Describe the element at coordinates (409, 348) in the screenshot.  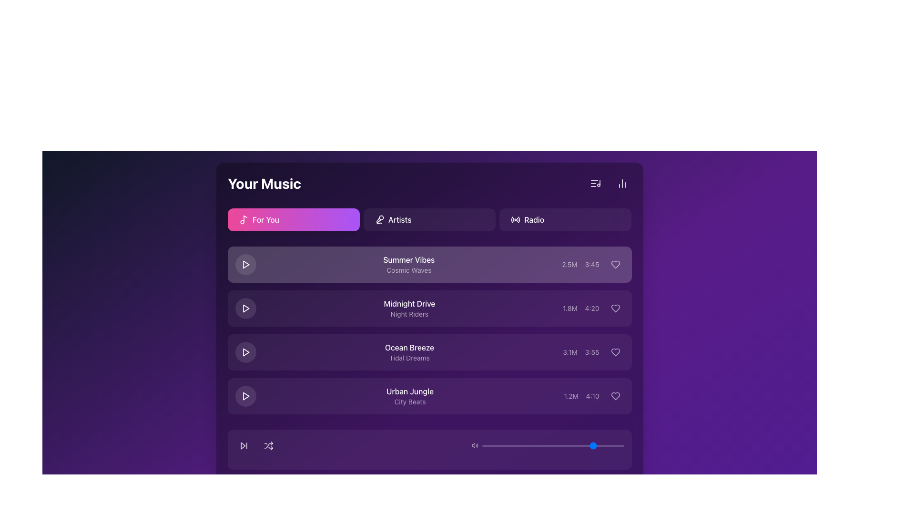
I see `text of the Text Label displaying 'Ocean Breeze', which is styled in white font and is located in the third row of music tracks` at that location.